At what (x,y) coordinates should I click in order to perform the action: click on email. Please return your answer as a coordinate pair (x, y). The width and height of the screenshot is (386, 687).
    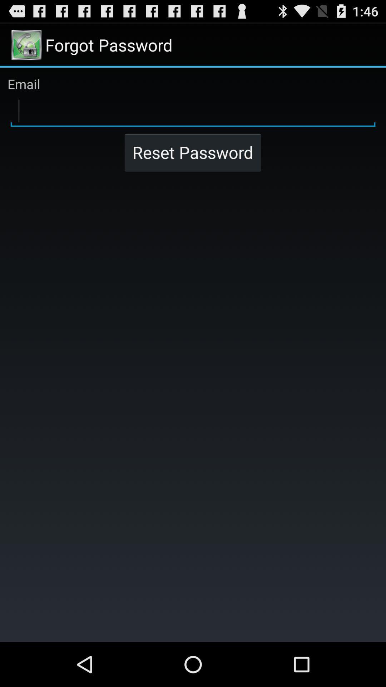
    Looking at the image, I should click on (193, 111).